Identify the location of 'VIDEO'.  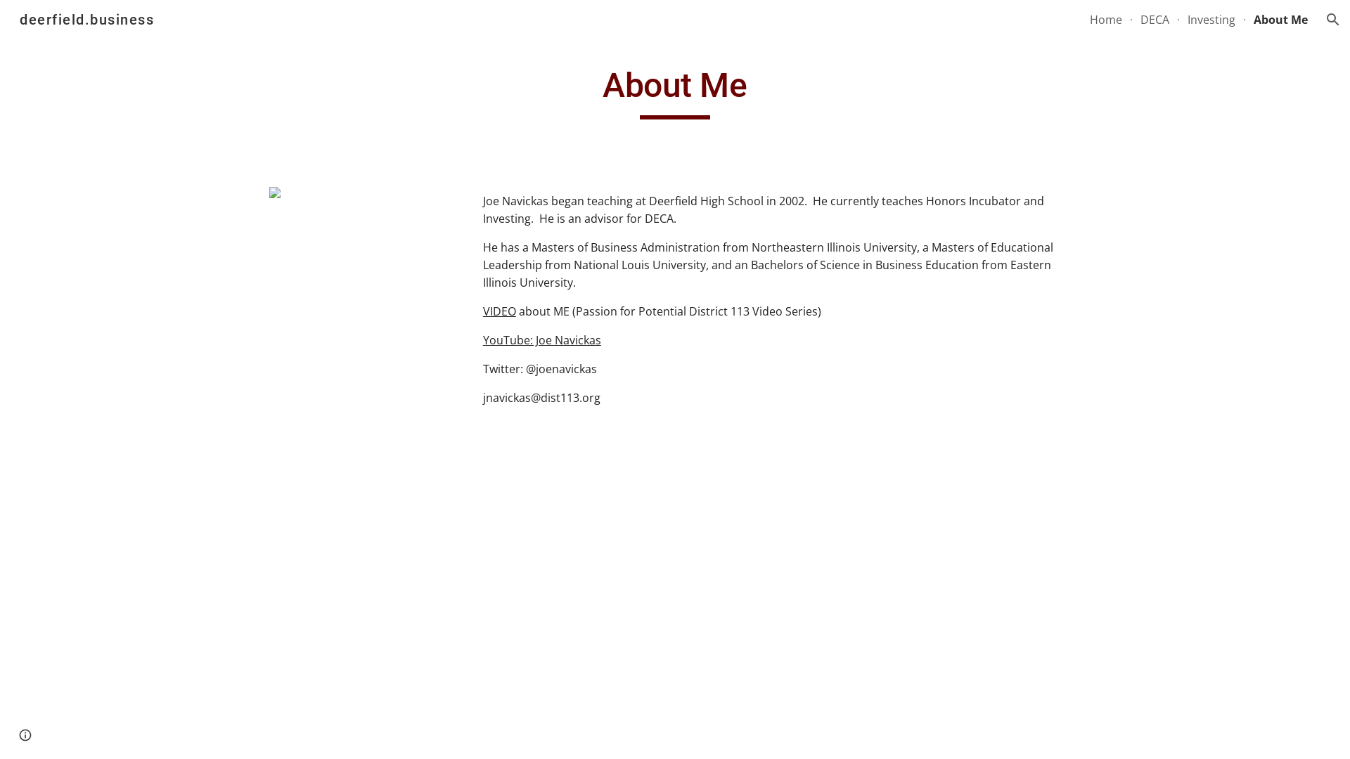
(499, 311).